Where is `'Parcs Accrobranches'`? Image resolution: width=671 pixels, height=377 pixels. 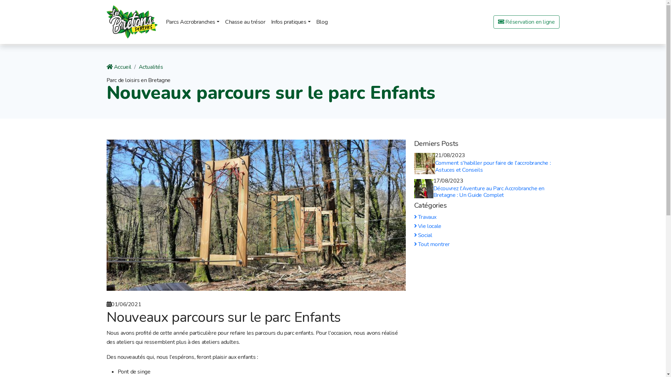
'Parcs Accrobranches' is located at coordinates (193, 21).